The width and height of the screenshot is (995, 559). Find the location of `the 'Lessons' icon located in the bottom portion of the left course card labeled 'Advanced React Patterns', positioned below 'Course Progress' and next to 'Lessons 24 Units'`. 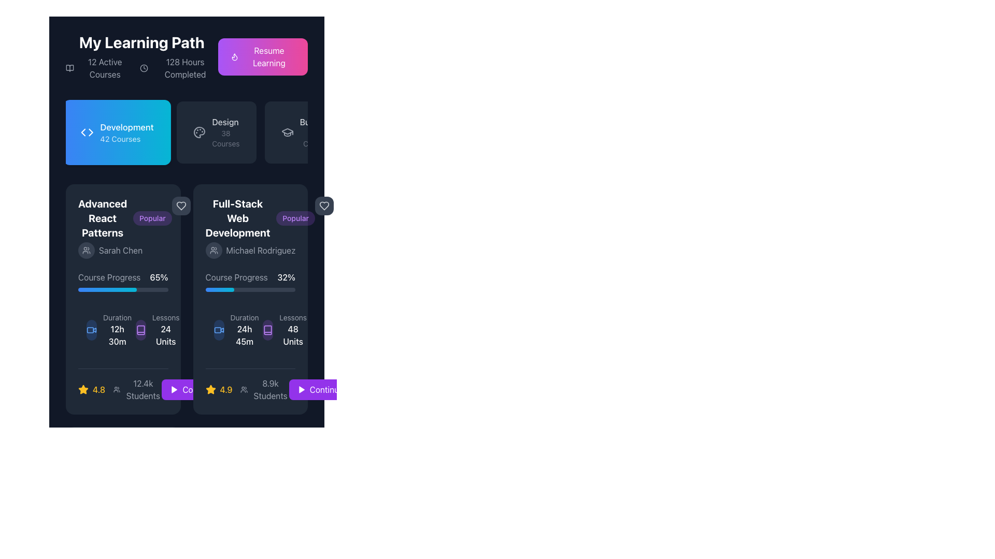

the 'Lessons' icon located in the bottom portion of the left course card labeled 'Advanced React Patterns', positioned below 'Course Progress' and next to 'Lessons 24 Units' is located at coordinates (140, 330).